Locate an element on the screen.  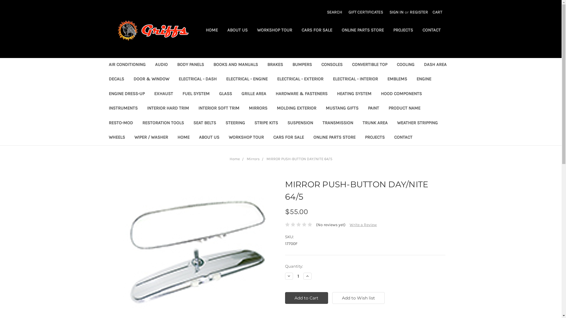
'Decrease Quantity:' is located at coordinates (284, 276).